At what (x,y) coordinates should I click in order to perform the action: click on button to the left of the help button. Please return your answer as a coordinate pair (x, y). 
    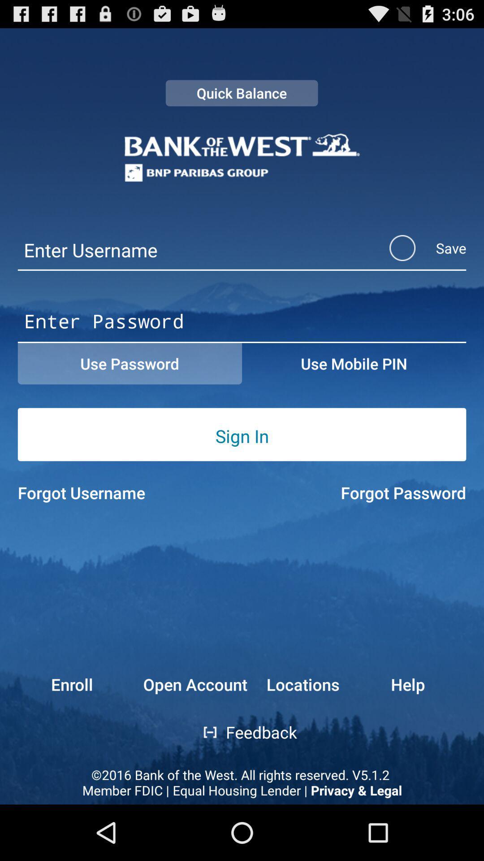
    Looking at the image, I should click on (302, 684).